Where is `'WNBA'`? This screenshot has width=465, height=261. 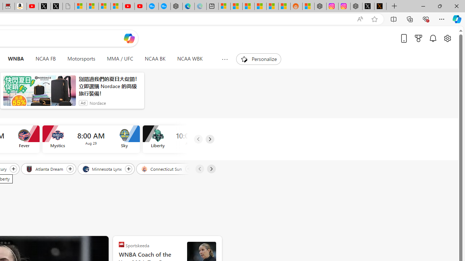 'WNBA' is located at coordinates (16, 59).